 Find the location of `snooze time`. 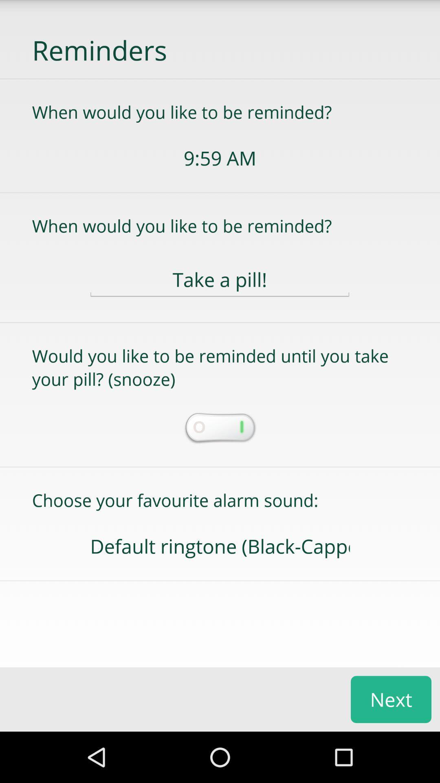

snooze time is located at coordinates (219, 428).